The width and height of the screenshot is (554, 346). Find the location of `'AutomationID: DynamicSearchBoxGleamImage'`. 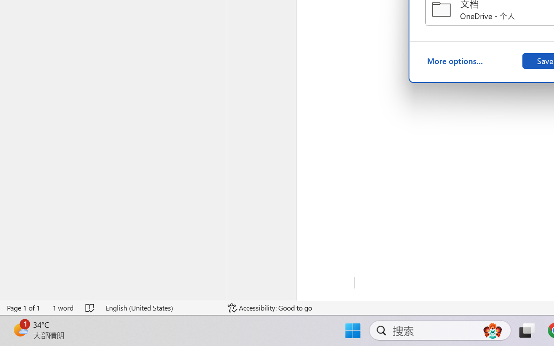

'AutomationID: DynamicSearchBoxGleamImage' is located at coordinates (493, 330).